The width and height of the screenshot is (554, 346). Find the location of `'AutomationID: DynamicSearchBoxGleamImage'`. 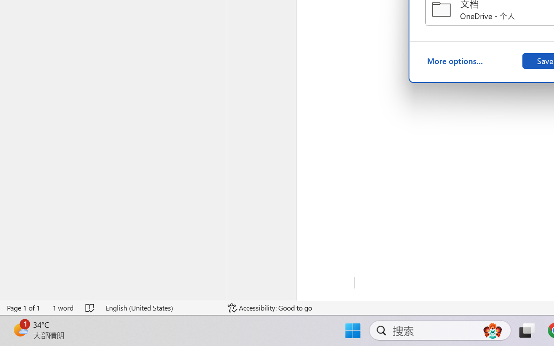

'AutomationID: DynamicSearchBoxGleamImage' is located at coordinates (493, 330).